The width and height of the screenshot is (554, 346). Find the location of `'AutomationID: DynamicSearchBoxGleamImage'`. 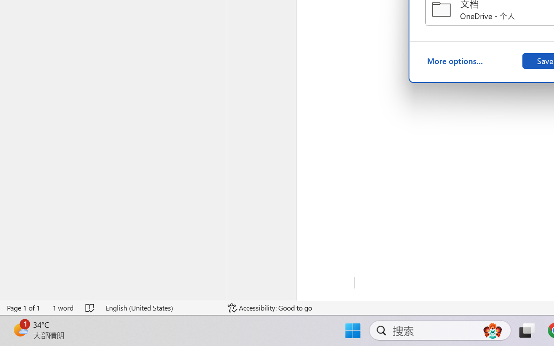

'AutomationID: DynamicSearchBoxGleamImage' is located at coordinates (493, 330).